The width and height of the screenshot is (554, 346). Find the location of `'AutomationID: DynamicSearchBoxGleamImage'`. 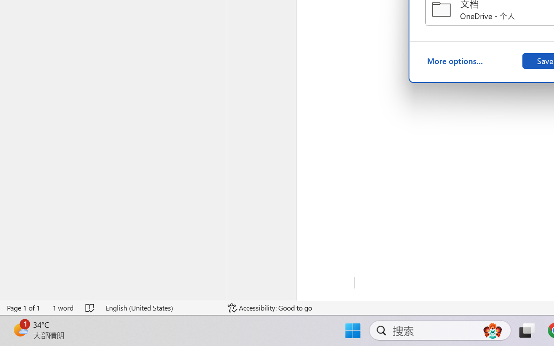

'AutomationID: DynamicSearchBoxGleamImage' is located at coordinates (493, 330).